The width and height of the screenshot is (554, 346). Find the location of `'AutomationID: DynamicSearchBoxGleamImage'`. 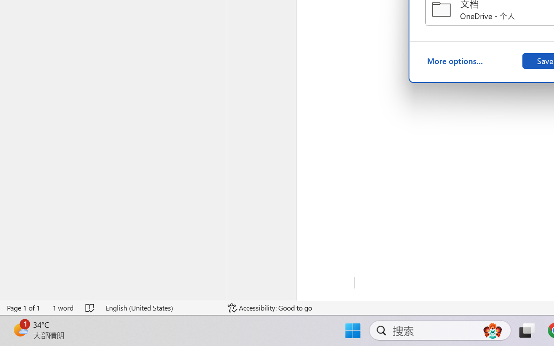

'AutomationID: DynamicSearchBoxGleamImage' is located at coordinates (493, 330).